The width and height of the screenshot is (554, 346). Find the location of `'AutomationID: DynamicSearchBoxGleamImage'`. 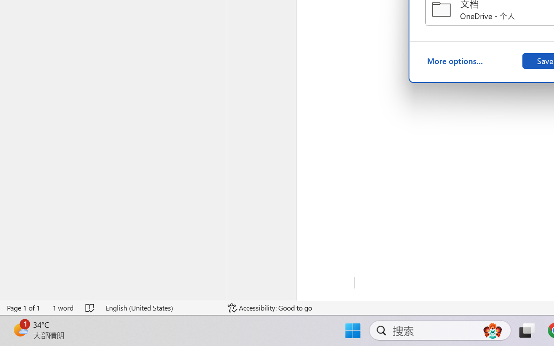

'AutomationID: DynamicSearchBoxGleamImage' is located at coordinates (493, 330).